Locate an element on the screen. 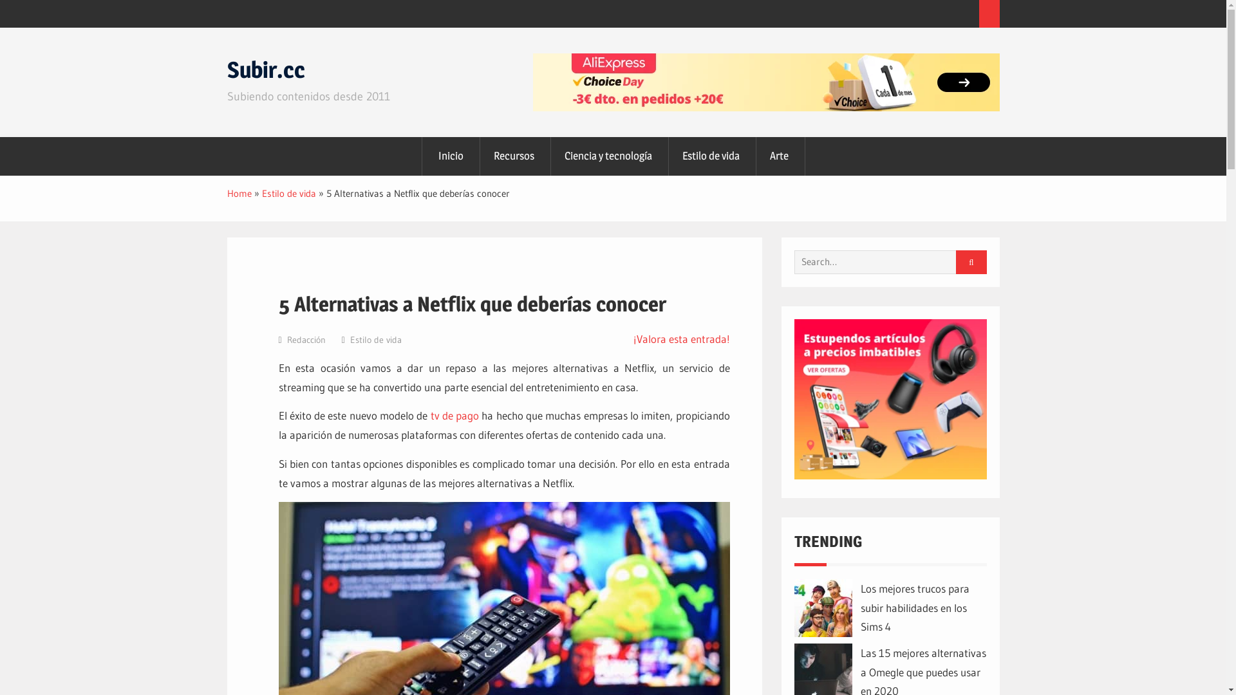  'Arte' is located at coordinates (753, 156).